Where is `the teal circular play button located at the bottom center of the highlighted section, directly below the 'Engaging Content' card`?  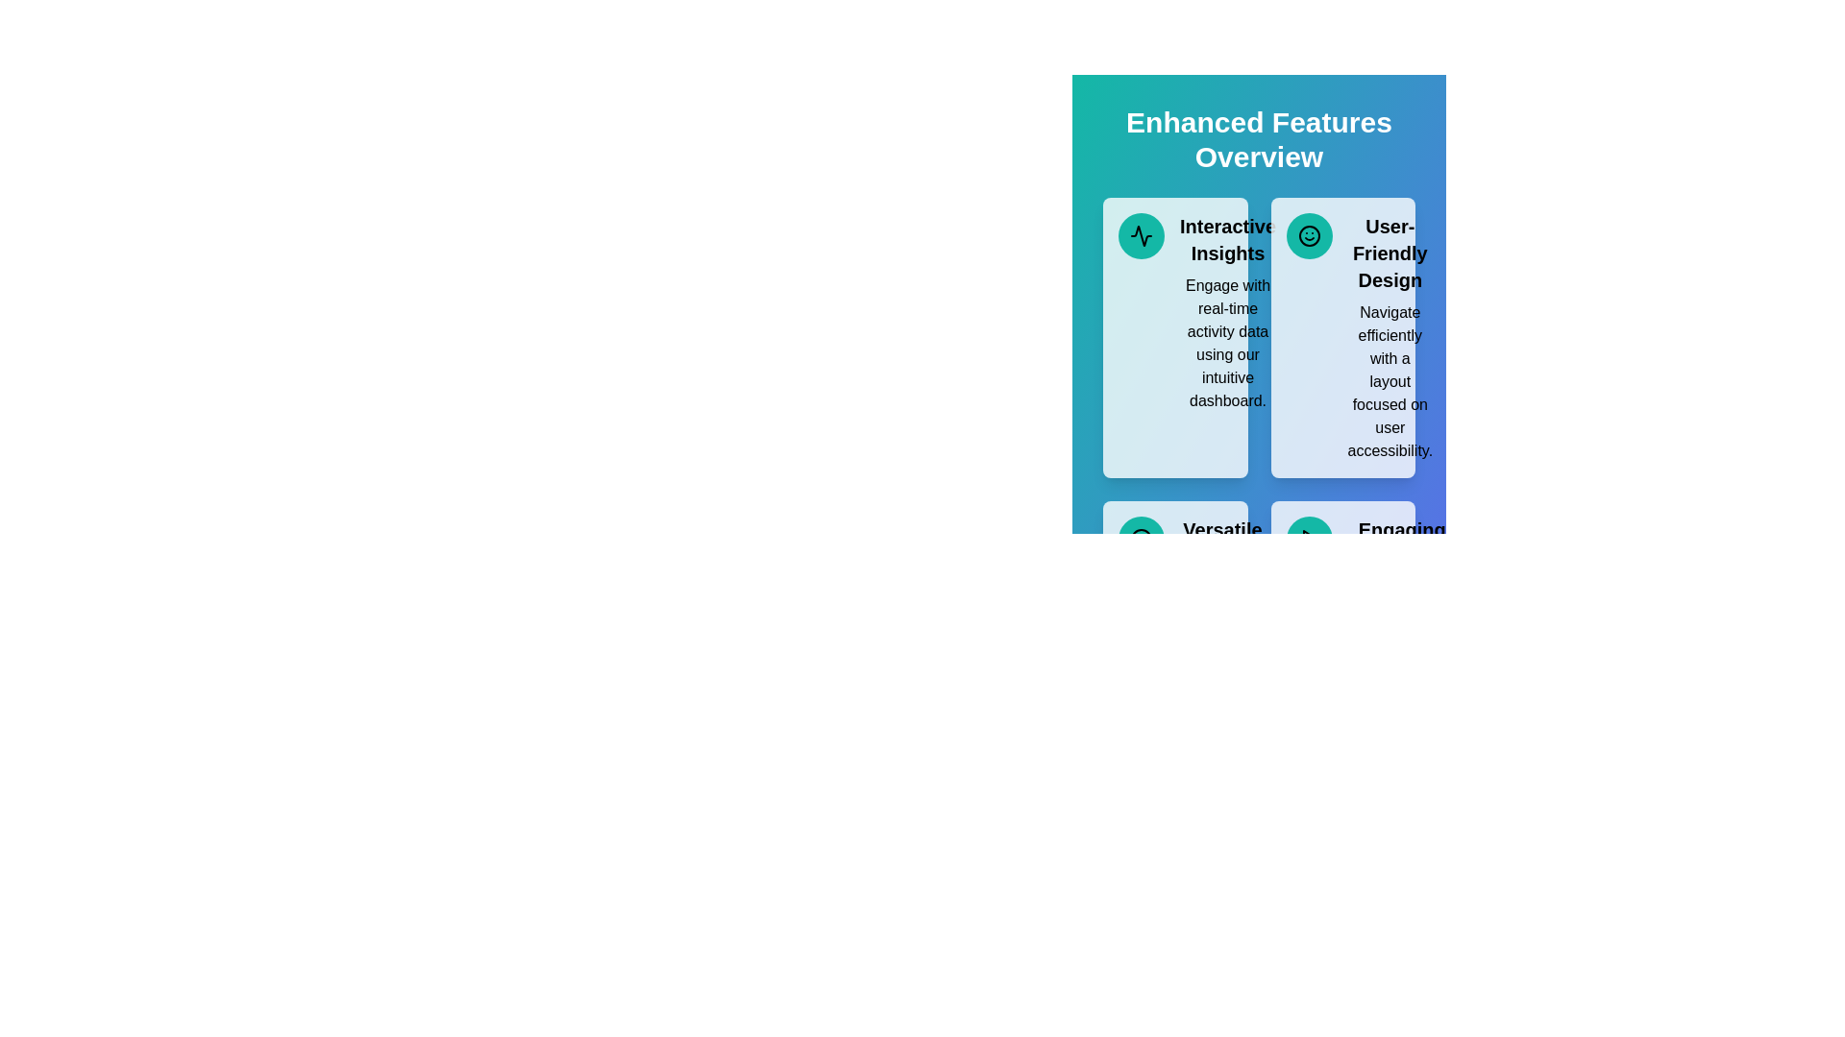
the teal circular play button located at the bottom center of the highlighted section, directly below the 'Engaging Content' card is located at coordinates (1308, 540).